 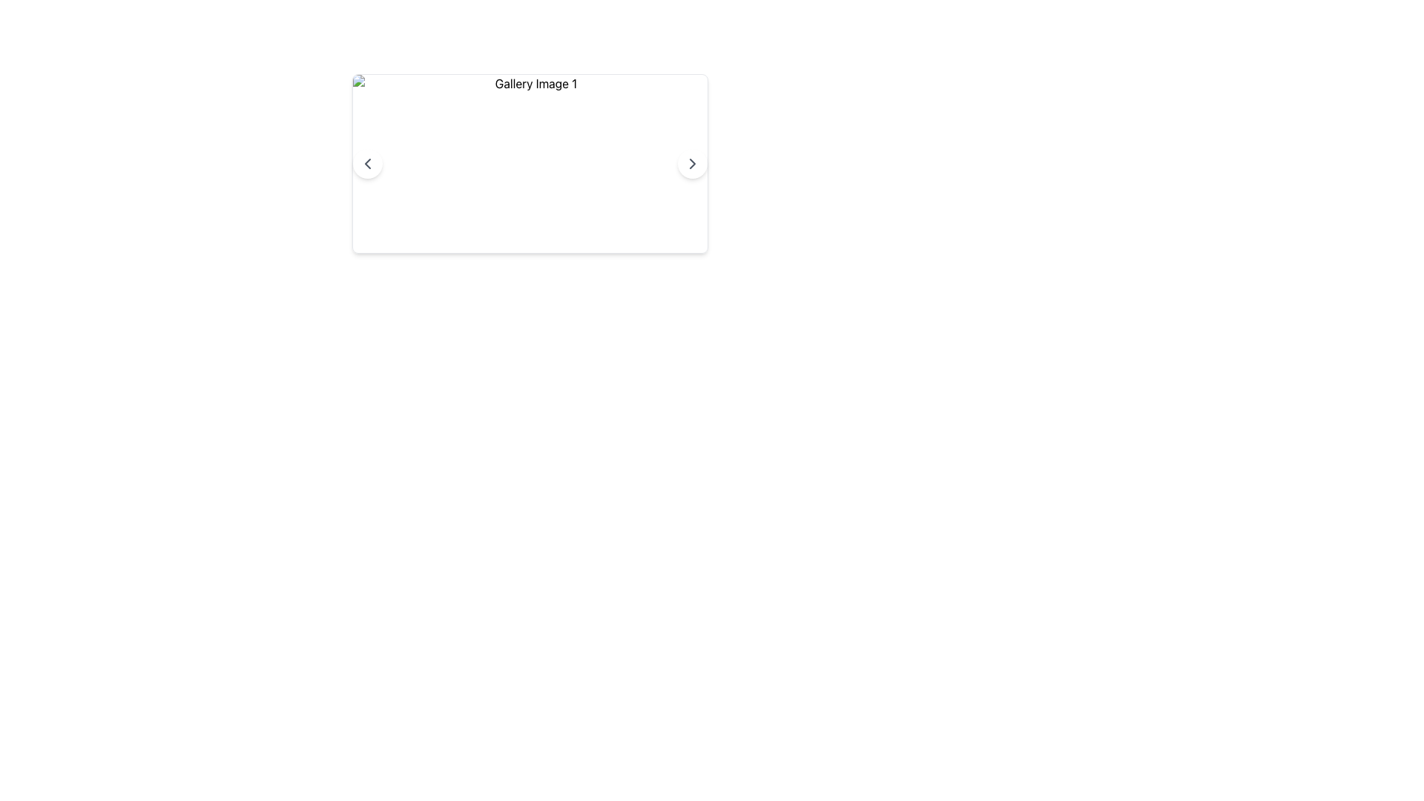 I want to click on the left navigation icon button located in the left-middle of the white rectangular card displaying 'Gallery Image 1', so click(x=367, y=163).